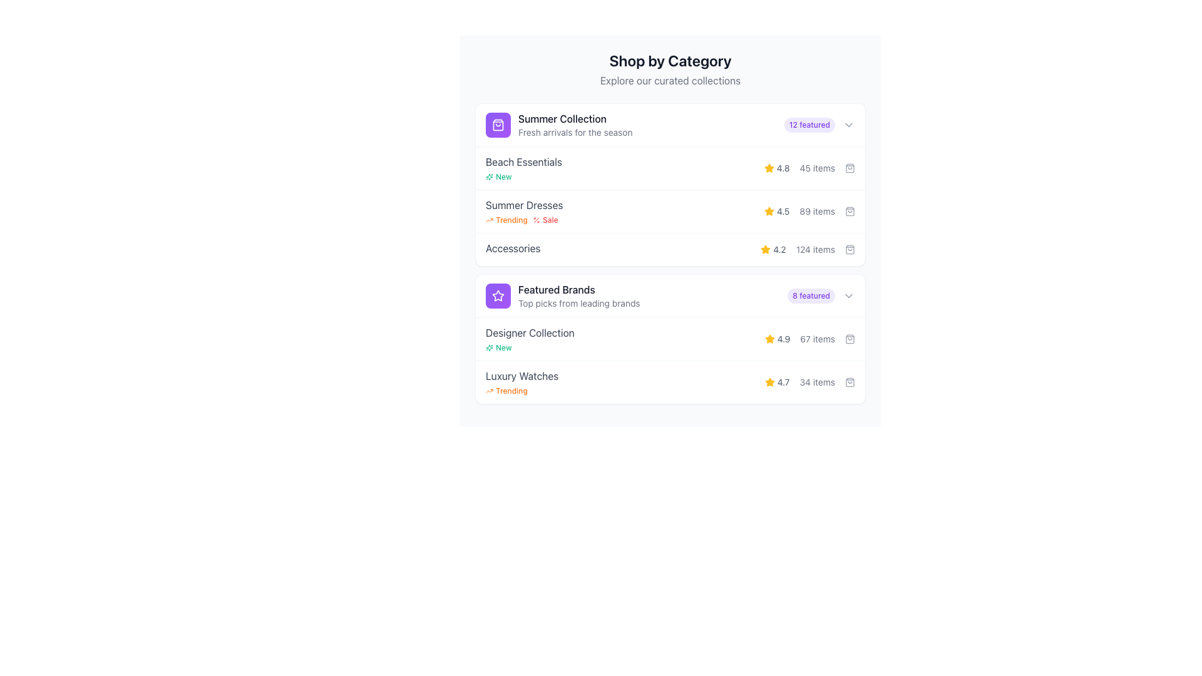 Image resolution: width=1202 pixels, height=676 pixels. Describe the element at coordinates (811, 296) in the screenshot. I see `the badge indicating the number of featured items in the 'Featured Brands' category, located to the left of the chevron icon in the 'Shop by Category' section` at that location.